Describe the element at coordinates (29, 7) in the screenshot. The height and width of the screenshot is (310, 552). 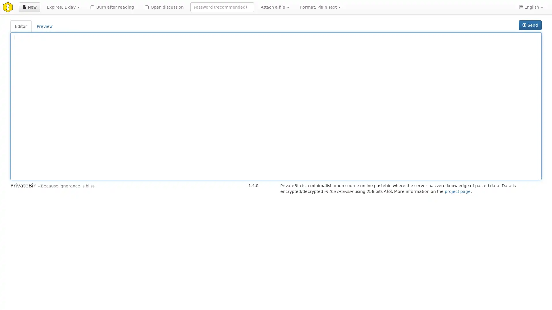
I see `New` at that location.